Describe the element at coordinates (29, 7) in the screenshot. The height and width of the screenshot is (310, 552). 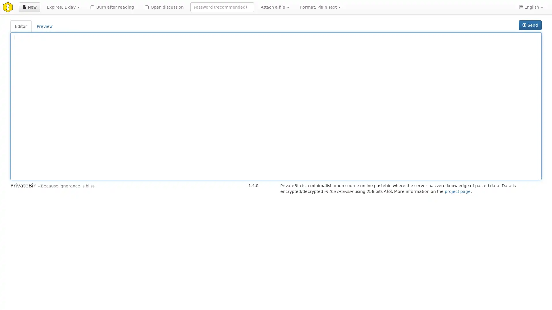
I see `New` at that location.